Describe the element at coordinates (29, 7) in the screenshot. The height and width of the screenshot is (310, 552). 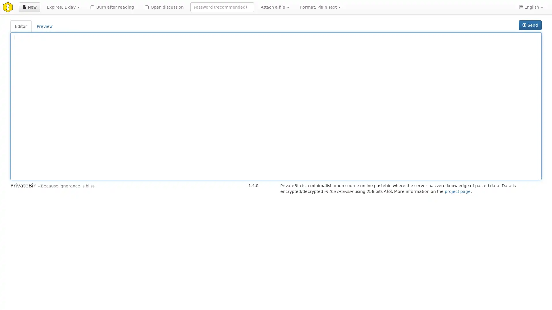
I see `New` at that location.